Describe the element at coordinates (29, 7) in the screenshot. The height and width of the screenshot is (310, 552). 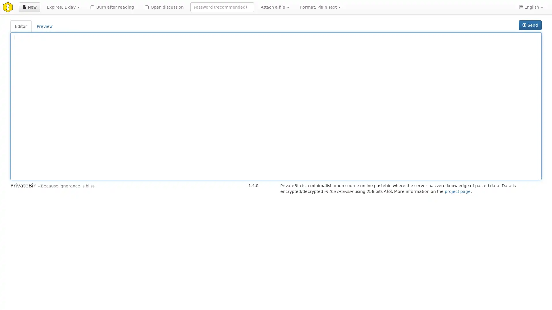
I see `New` at that location.